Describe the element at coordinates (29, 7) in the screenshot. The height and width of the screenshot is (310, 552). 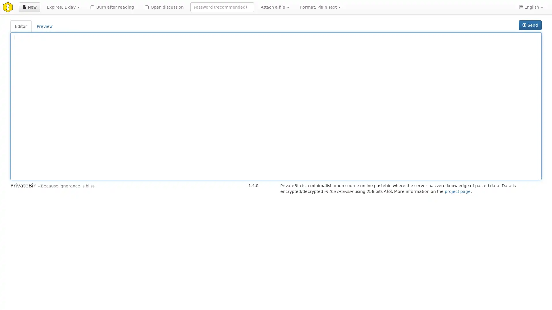
I see `New` at that location.